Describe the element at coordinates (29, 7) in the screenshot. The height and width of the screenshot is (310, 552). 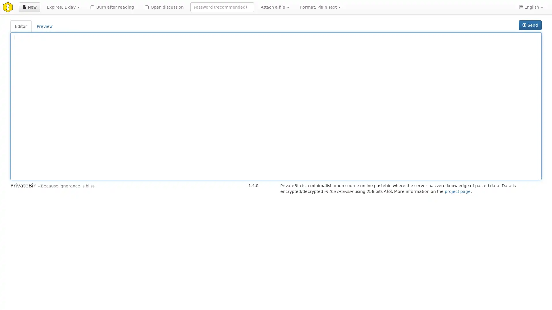
I see `New` at that location.